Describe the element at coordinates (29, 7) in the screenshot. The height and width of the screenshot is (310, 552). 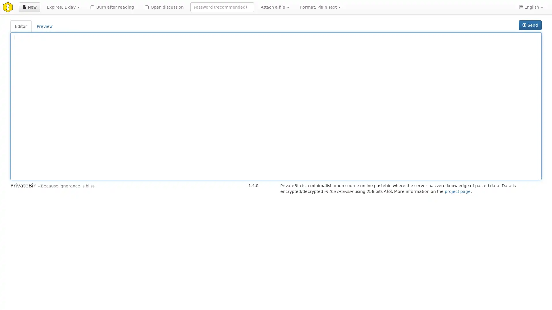
I see `New` at that location.